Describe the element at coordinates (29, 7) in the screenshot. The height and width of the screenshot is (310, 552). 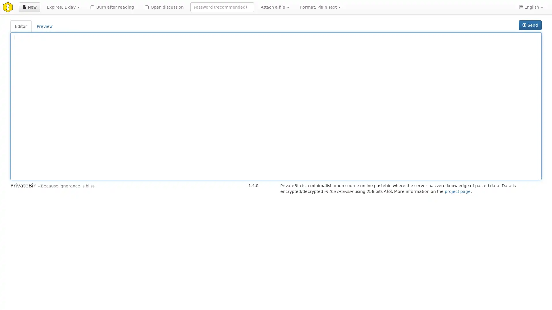
I see `New` at that location.